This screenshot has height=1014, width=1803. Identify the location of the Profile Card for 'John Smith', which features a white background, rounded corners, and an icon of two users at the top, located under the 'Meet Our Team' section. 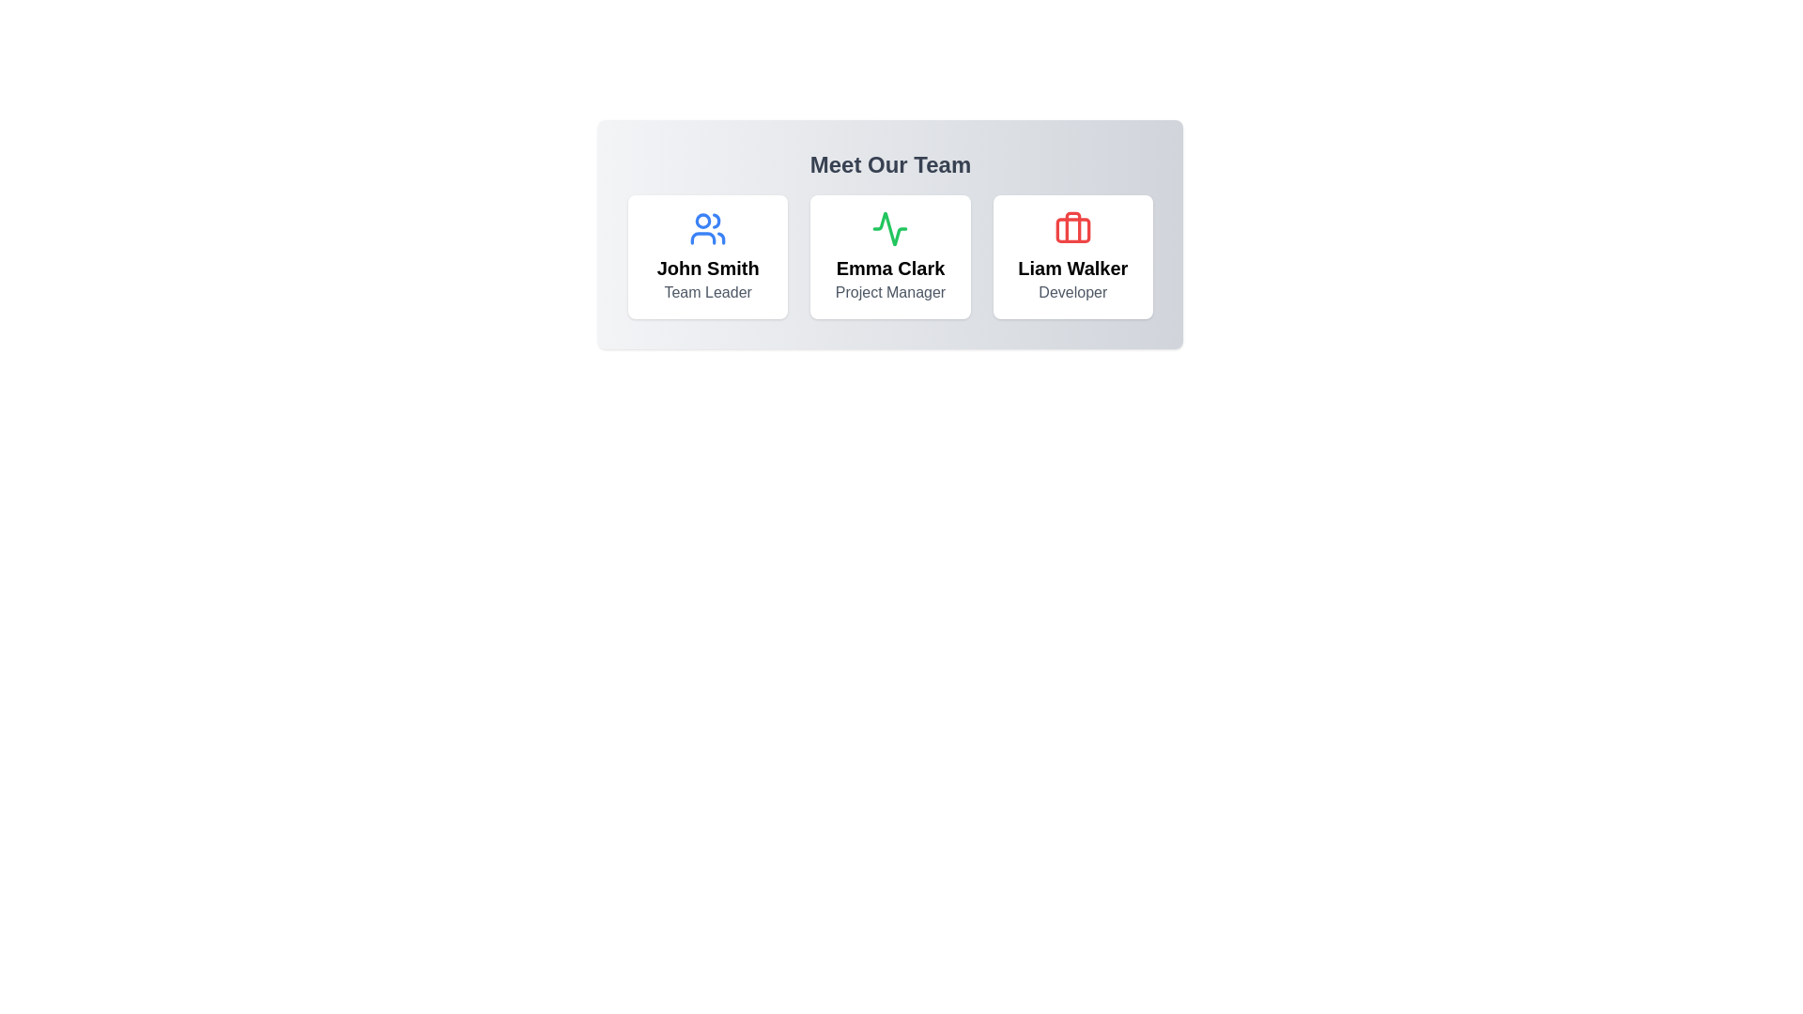
(707, 256).